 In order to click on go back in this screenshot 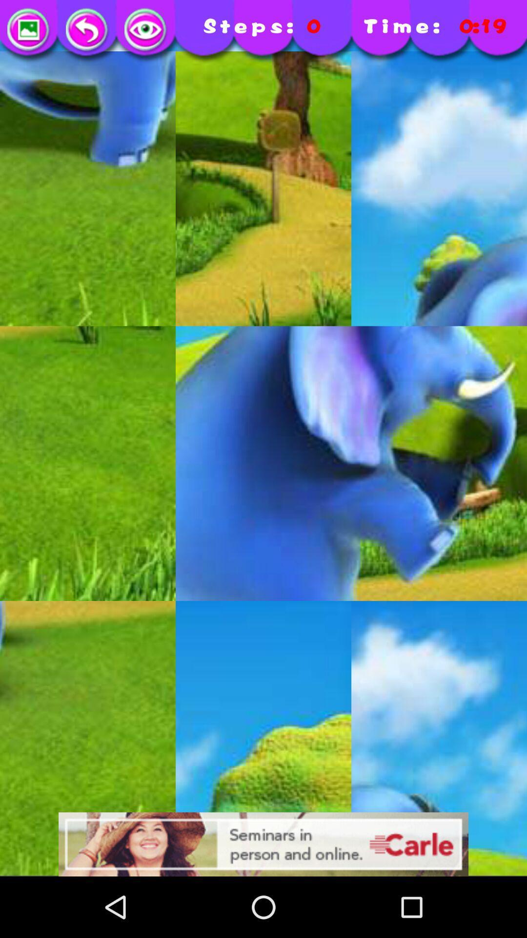, I will do `click(88, 30)`.